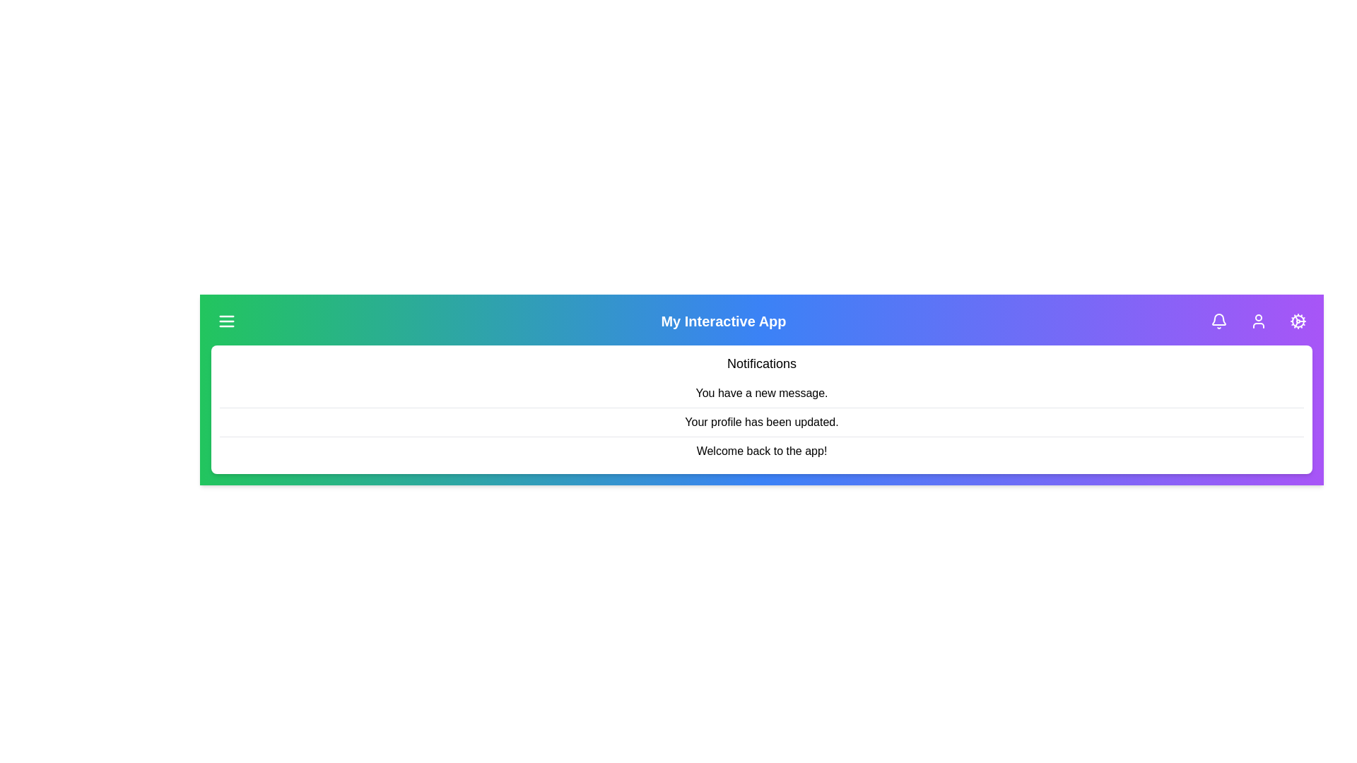 Image resolution: width=1357 pixels, height=763 pixels. What do you see at coordinates (1258, 321) in the screenshot?
I see `the user profile button` at bounding box center [1258, 321].